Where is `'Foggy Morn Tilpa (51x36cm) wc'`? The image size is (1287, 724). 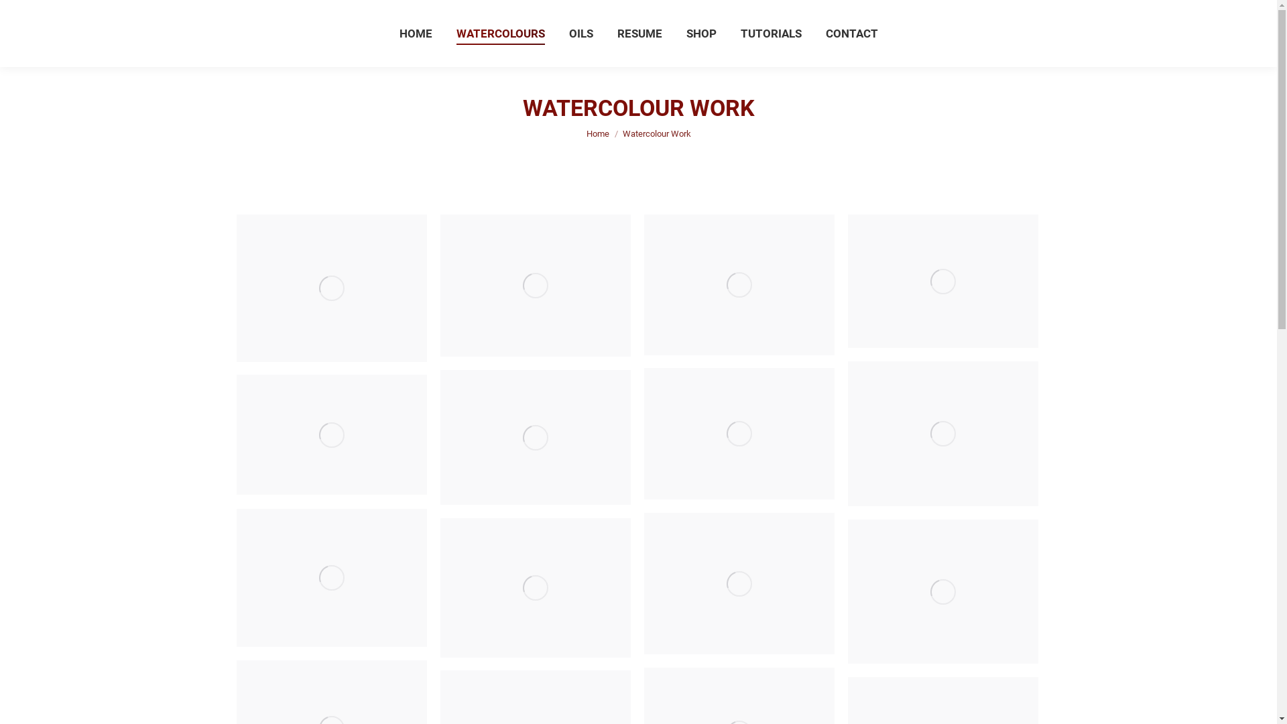
'Foggy Morn Tilpa (51x36cm) wc' is located at coordinates (331, 434).